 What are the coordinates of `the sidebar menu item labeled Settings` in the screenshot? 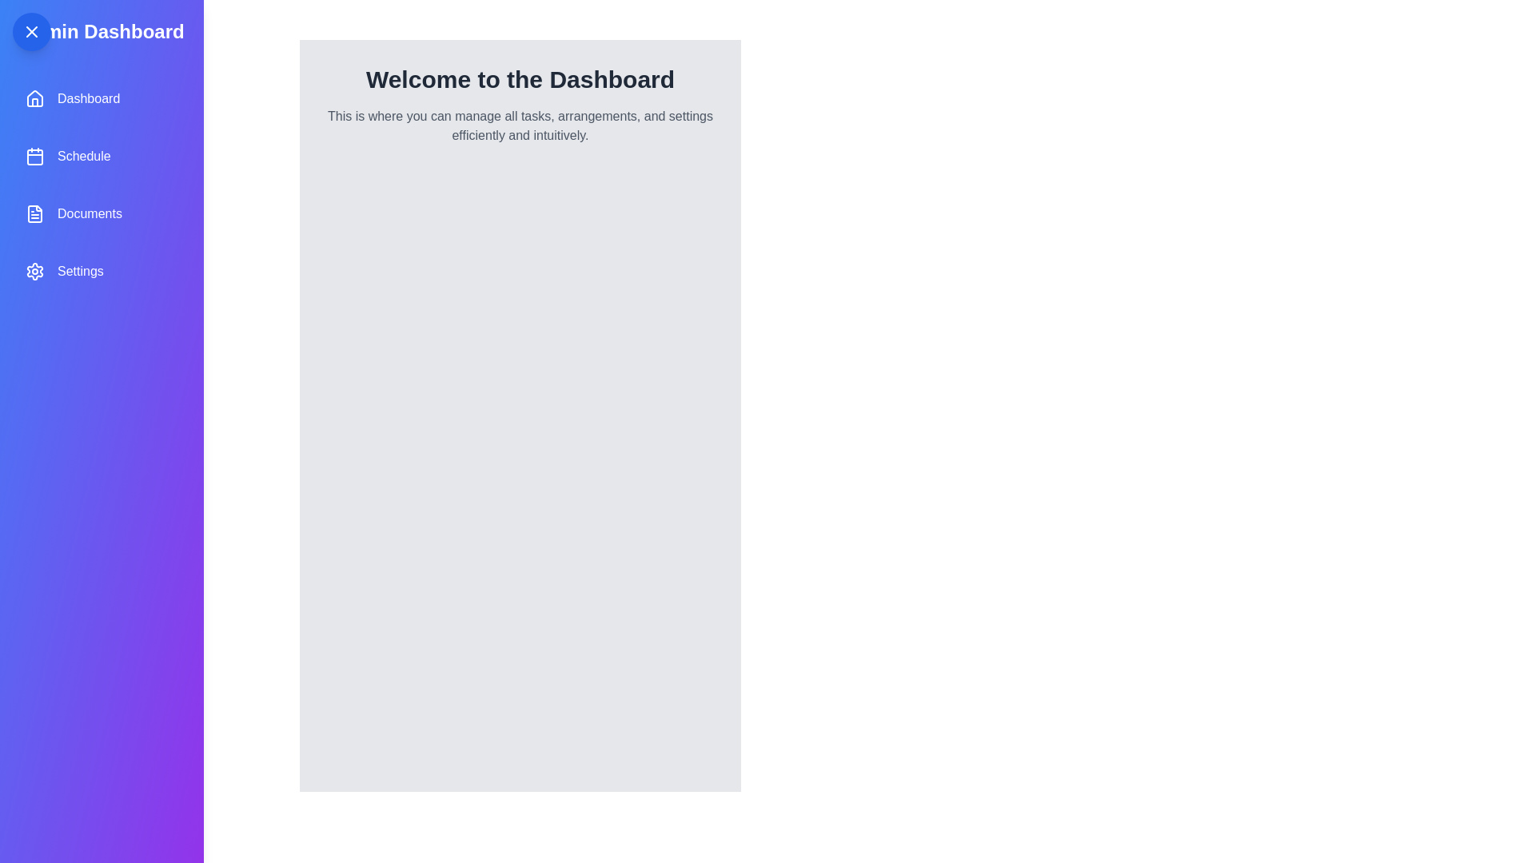 It's located at (100, 270).